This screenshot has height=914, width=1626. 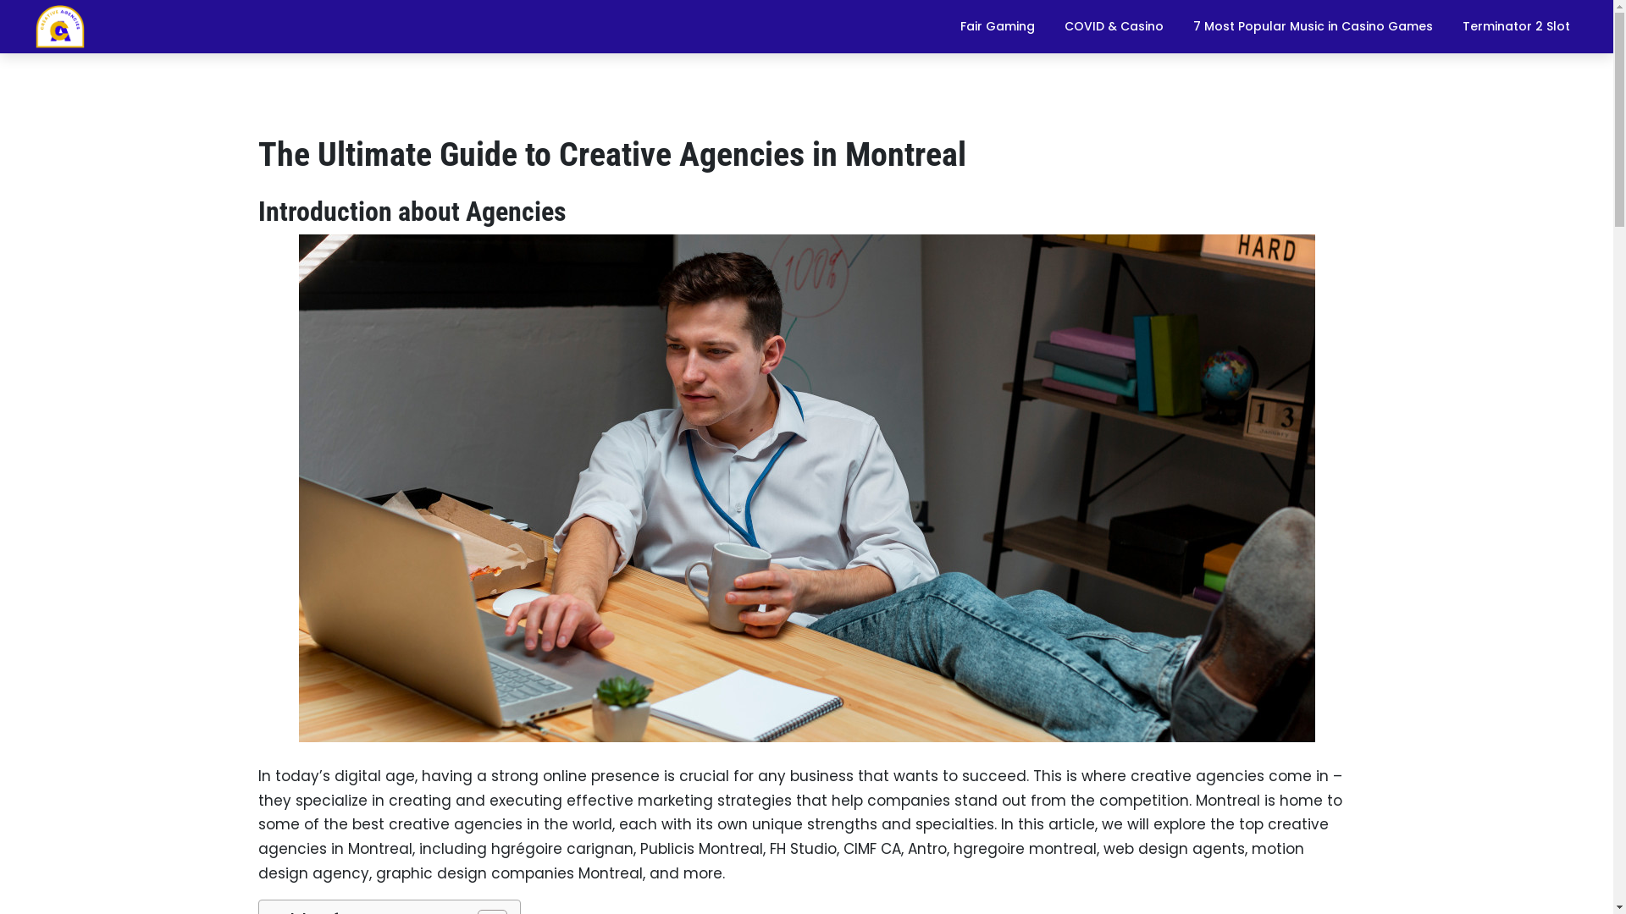 I want to click on 'Fair Gaming', so click(x=946, y=25).